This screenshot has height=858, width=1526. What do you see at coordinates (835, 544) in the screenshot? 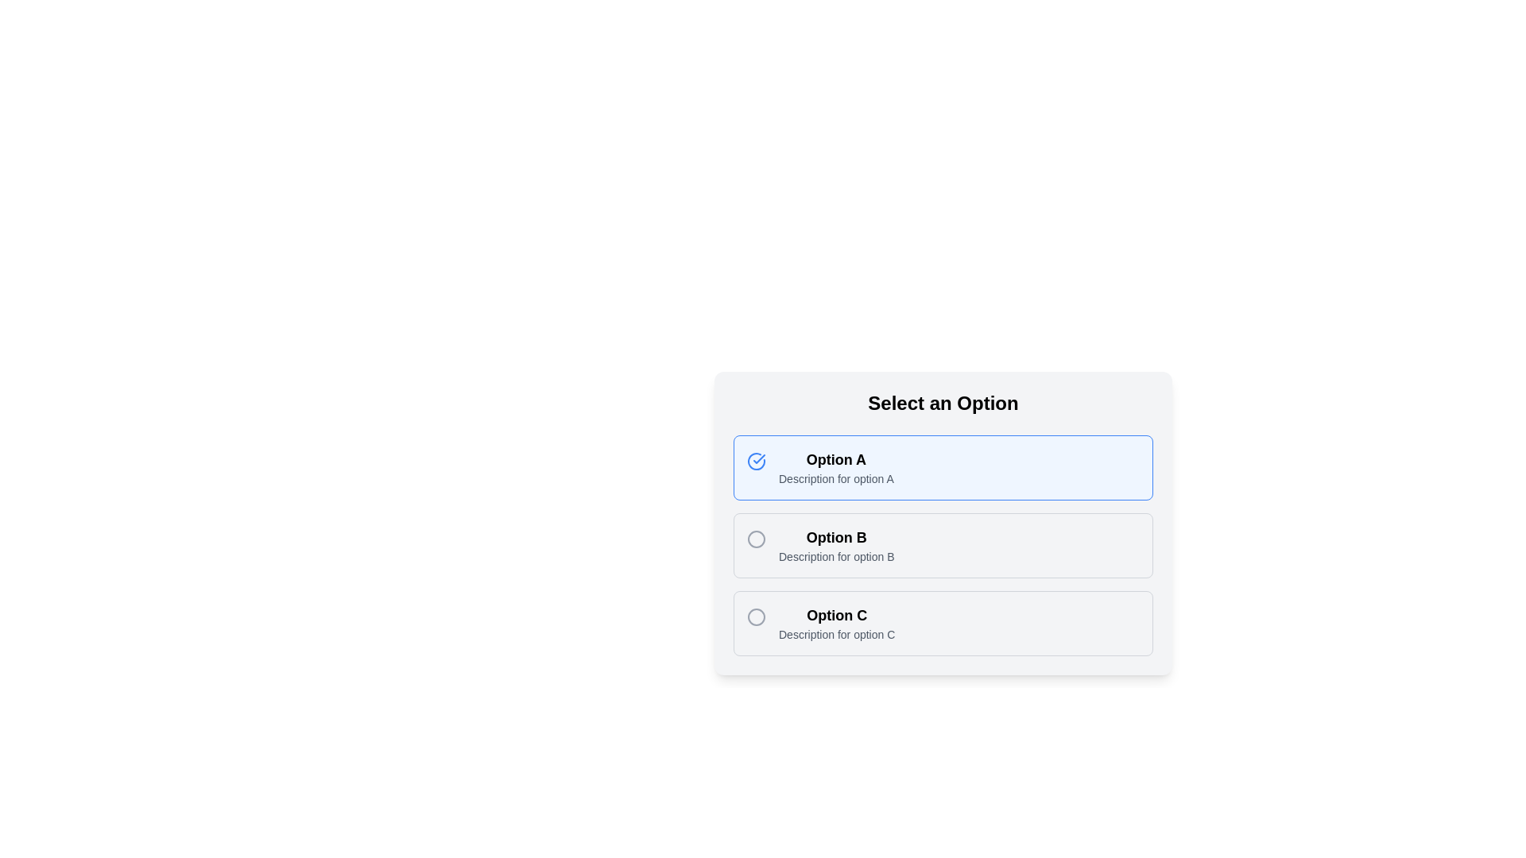
I see `the Text Label that displays 'Option B' and its description, located in the second row of the selection list` at bounding box center [835, 544].